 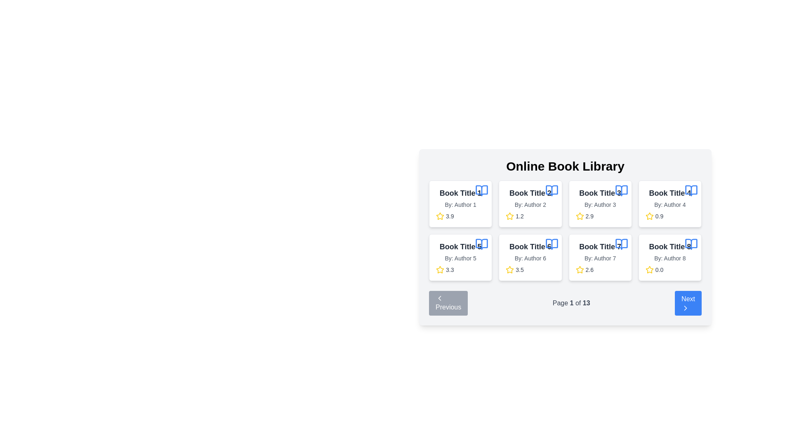 What do you see at coordinates (649, 215) in the screenshot?
I see `the rating indicator star icon located below the title 'Book Title 4' and adjacent to the numerical value '0.9'` at bounding box center [649, 215].